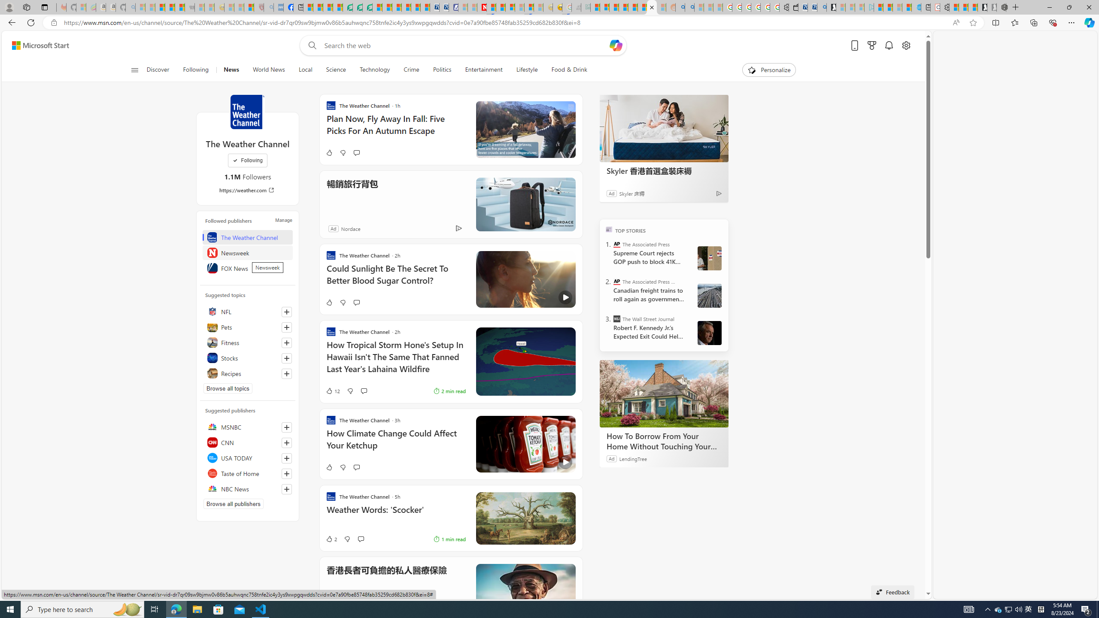  What do you see at coordinates (357, 7) in the screenshot?
I see `'Terms of Use Agreement'` at bounding box center [357, 7].